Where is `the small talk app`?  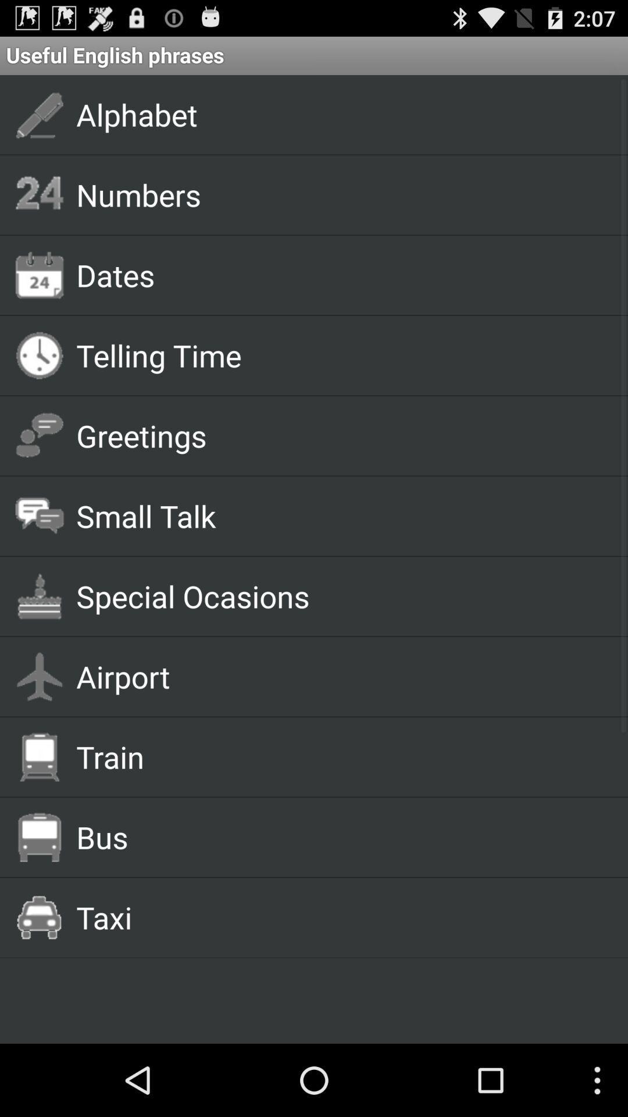 the small talk app is located at coordinates (338, 515).